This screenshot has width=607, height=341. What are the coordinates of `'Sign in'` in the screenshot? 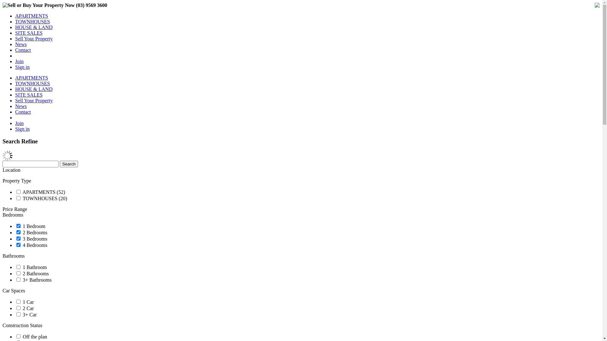 It's located at (22, 67).